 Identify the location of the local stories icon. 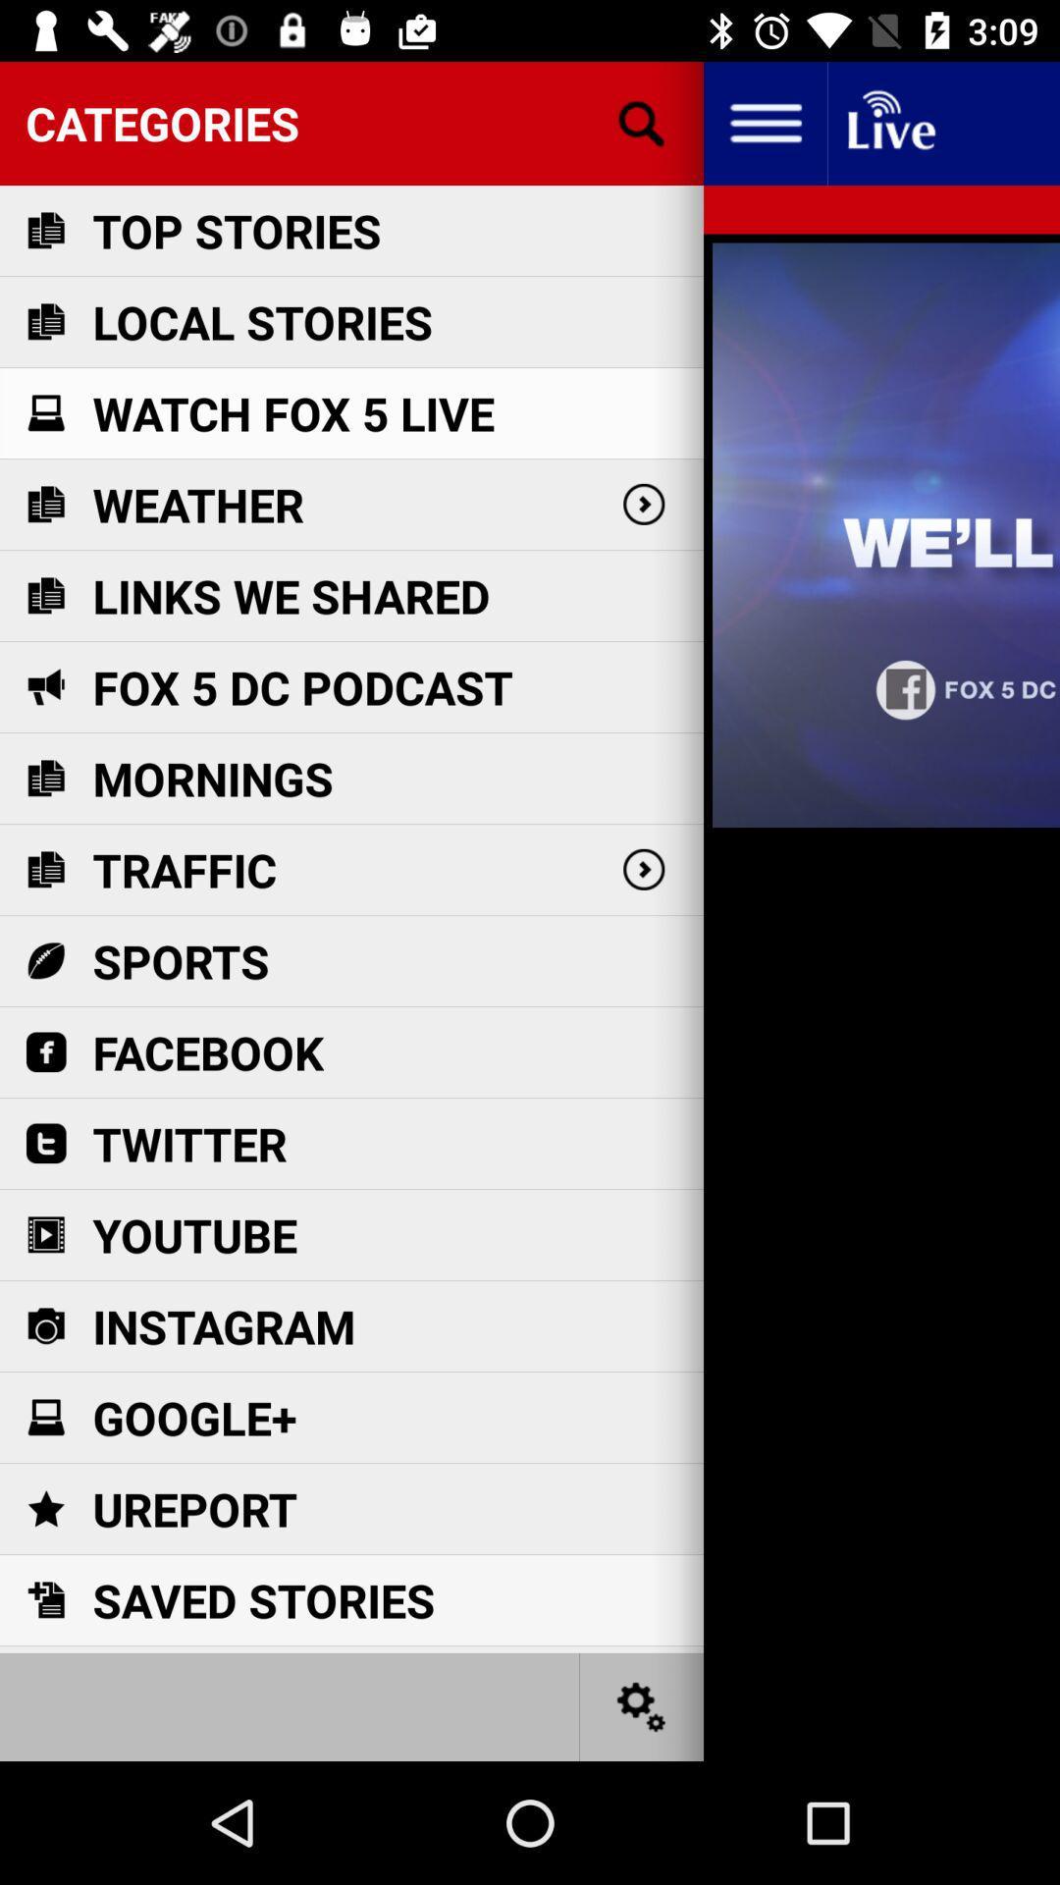
(261, 322).